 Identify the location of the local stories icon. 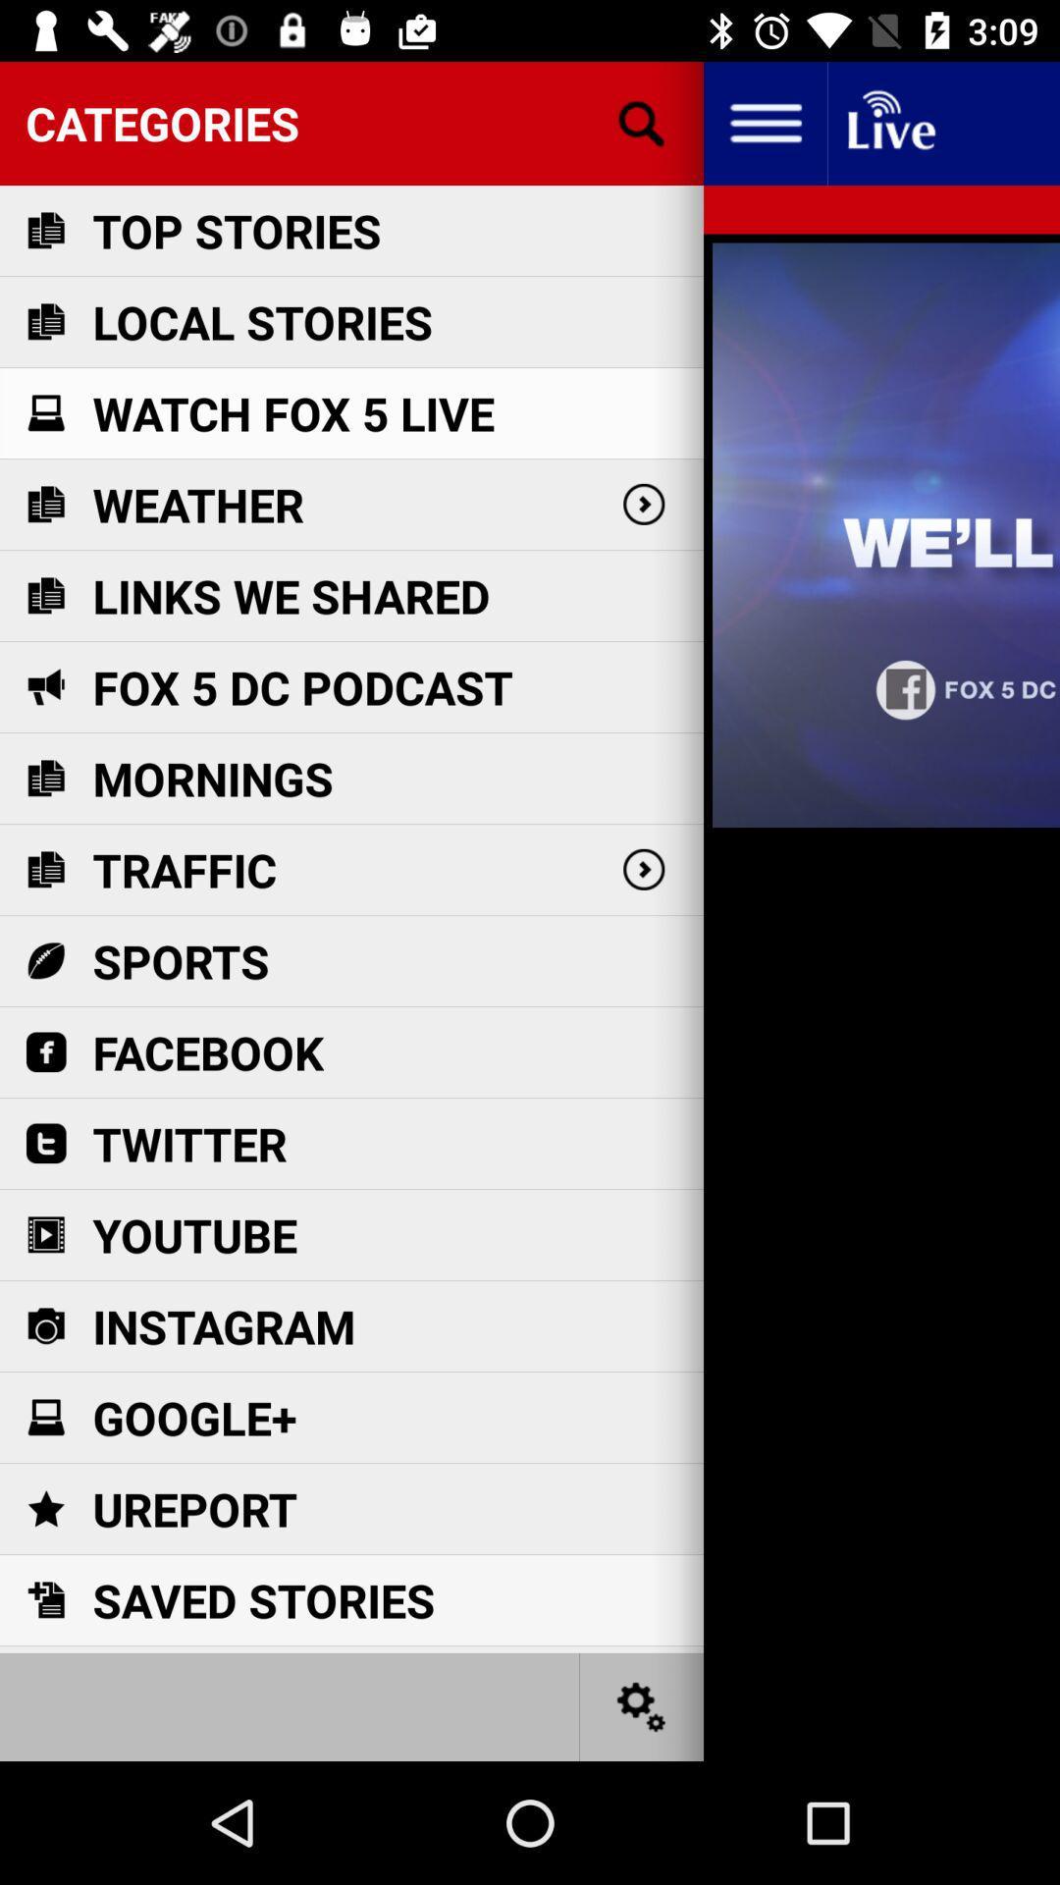
(261, 322).